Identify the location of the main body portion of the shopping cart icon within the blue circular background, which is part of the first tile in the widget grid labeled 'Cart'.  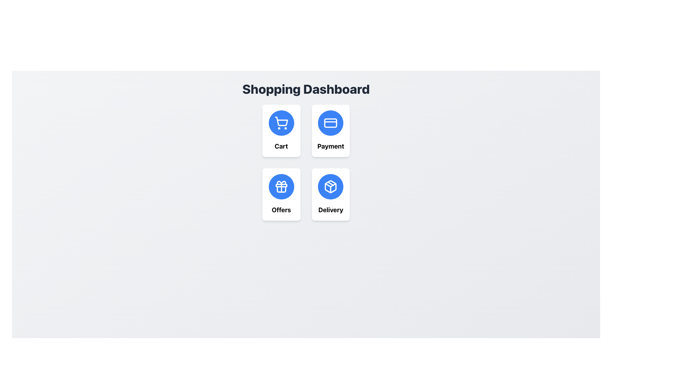
(281, 121).